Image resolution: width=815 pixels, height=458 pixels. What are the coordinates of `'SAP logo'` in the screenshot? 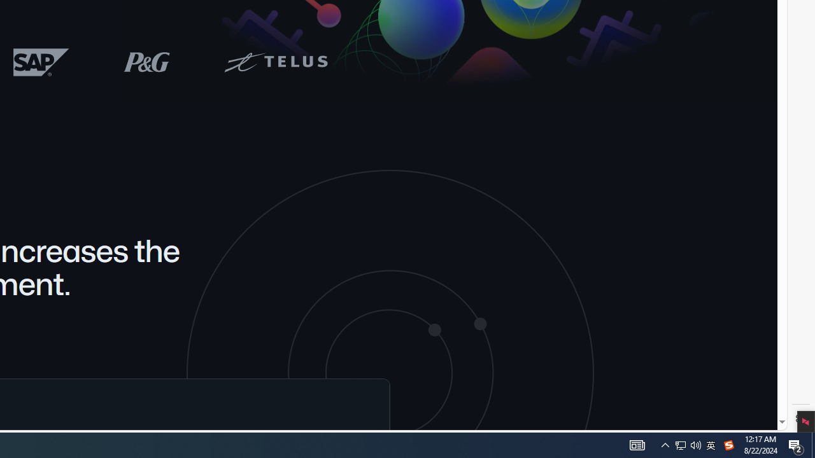 It's located at (41, 62).